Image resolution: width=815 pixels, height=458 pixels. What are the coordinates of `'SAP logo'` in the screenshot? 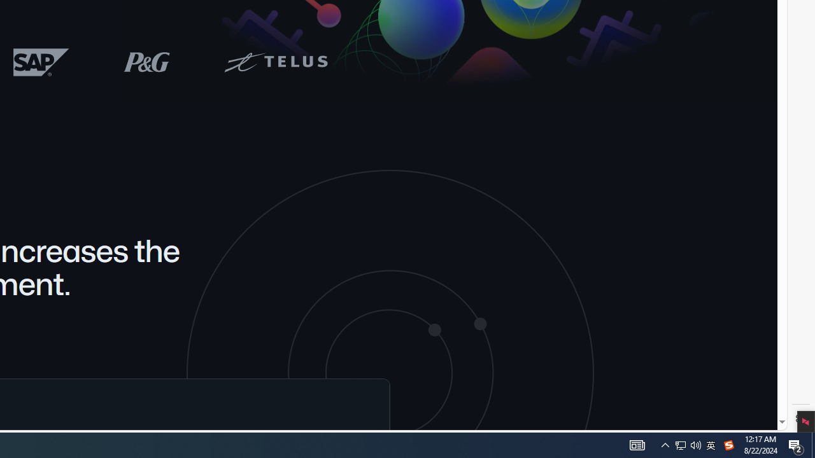 It's located at (41, 62).